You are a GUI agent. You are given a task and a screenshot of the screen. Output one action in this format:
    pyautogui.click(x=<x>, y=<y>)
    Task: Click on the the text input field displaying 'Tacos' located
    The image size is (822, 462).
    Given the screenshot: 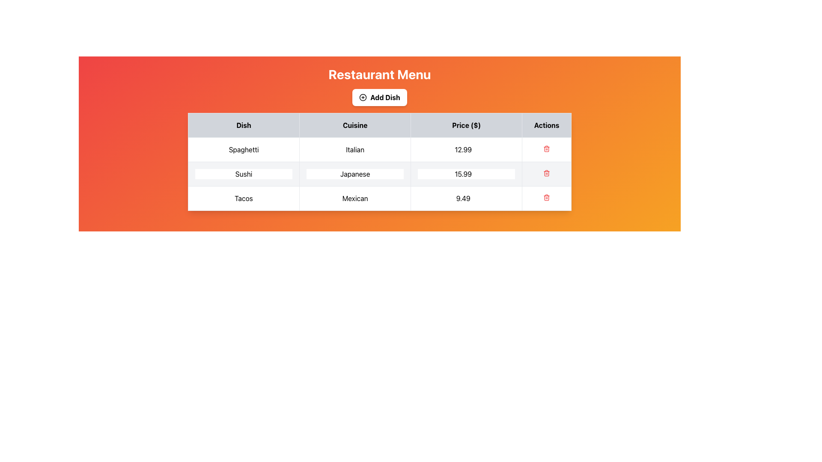 What is the action you would take?
    pyautogui.click(x=243, y=198)
    